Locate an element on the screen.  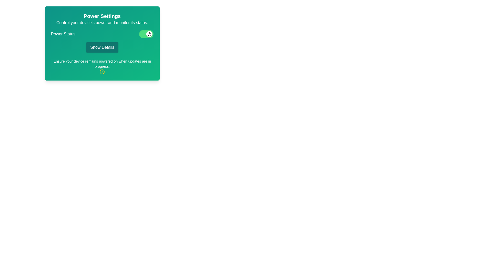
the bold text element labeled 'Power Settings' is located at coordinates (102, 16).